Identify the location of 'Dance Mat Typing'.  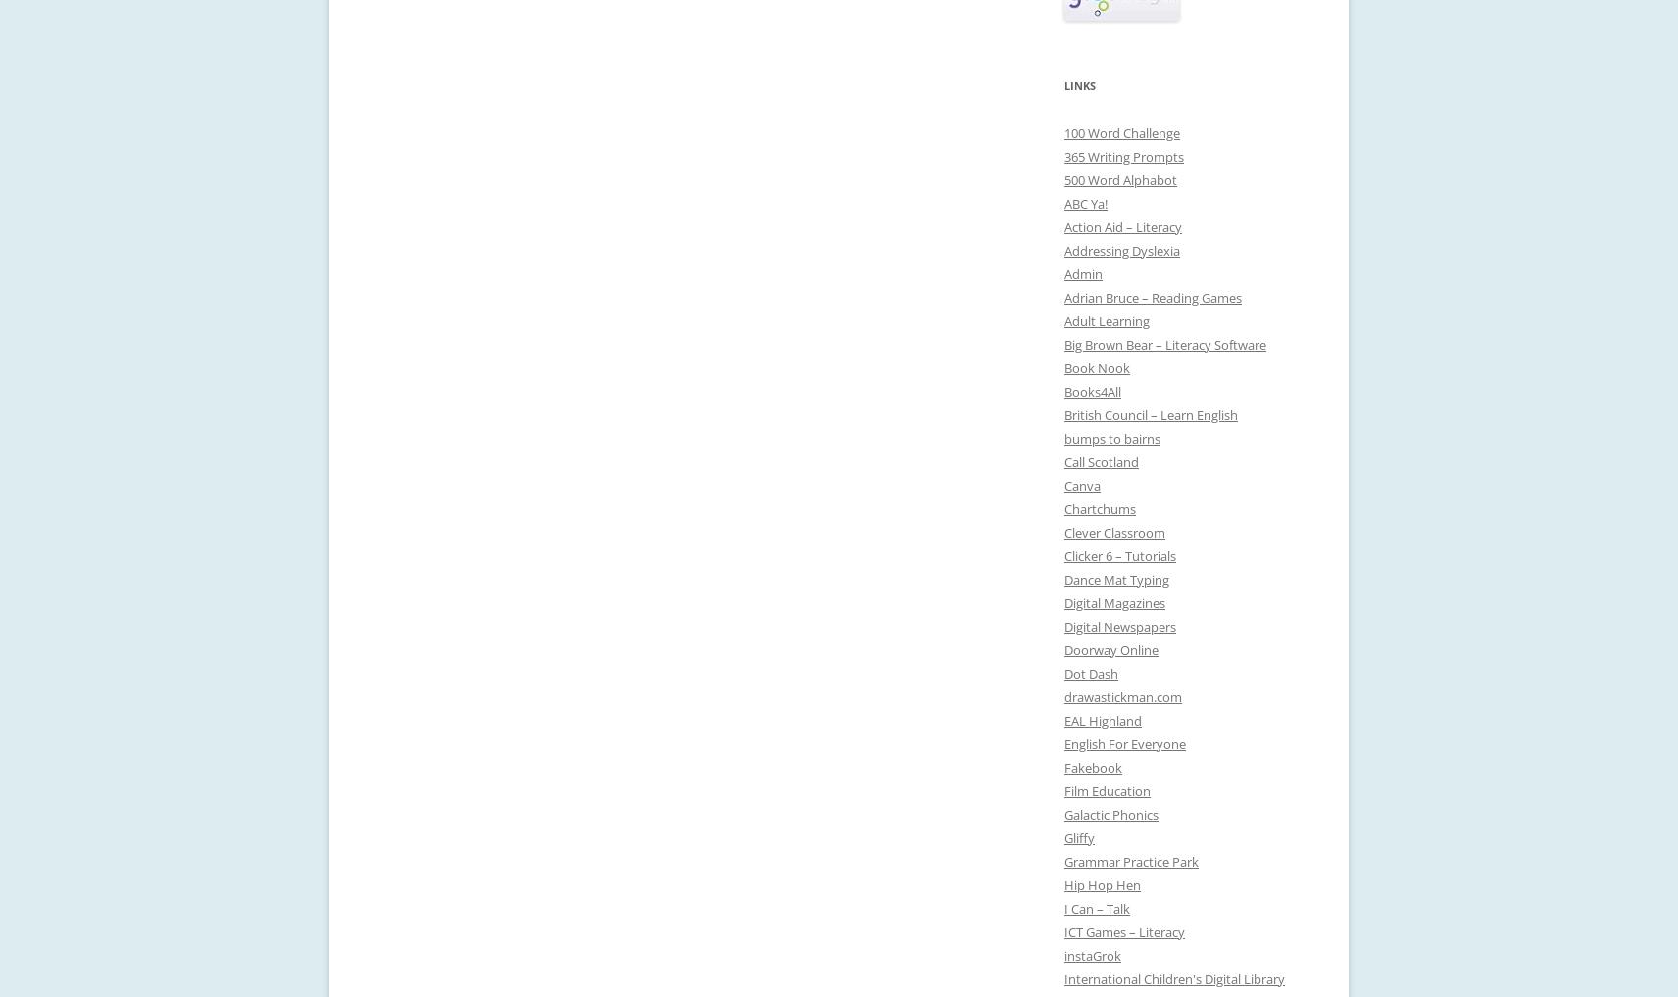
(1116, 579).